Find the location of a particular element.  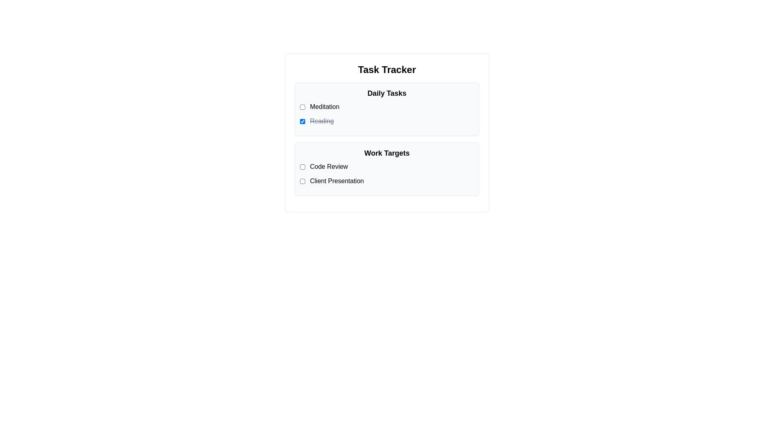

the selected checkbox indicating it is checked, which is located to the left of the 'Reading' label in the 'Daily Tasks' section of the 'Task Tracker' interface is located at coordinates (302, 121).